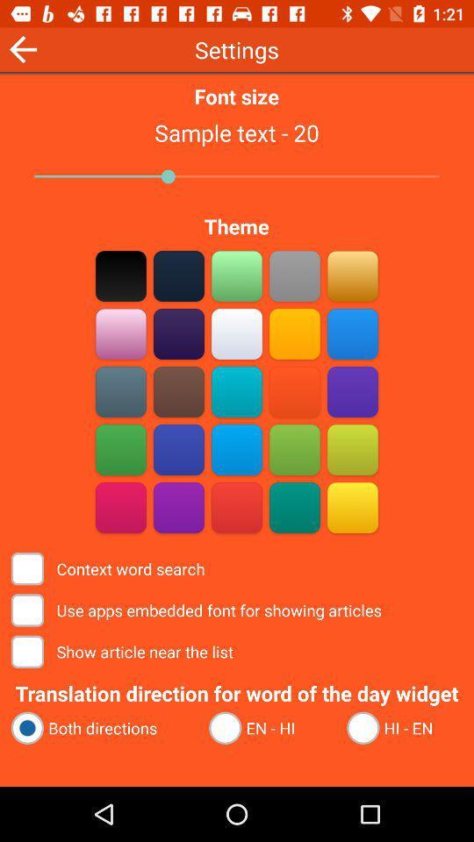  I want to click on flashes green yellow, so click(294, 449).